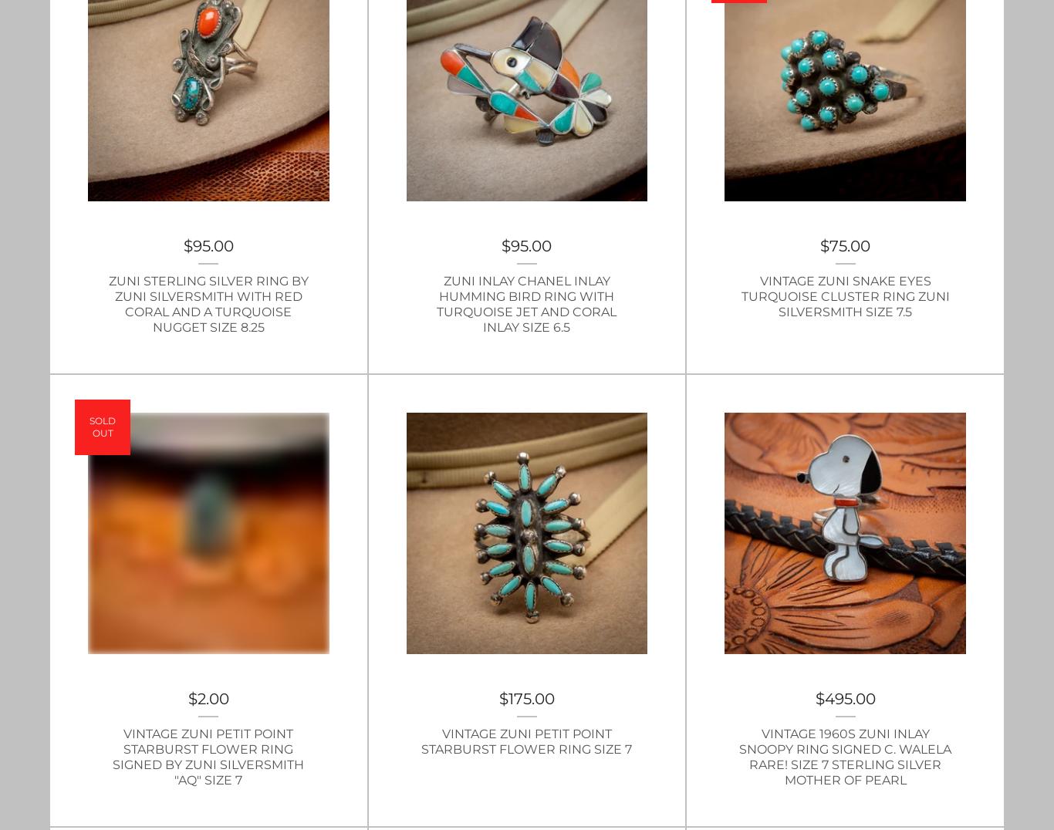  I want to click on '75.00', so click(849, 246).